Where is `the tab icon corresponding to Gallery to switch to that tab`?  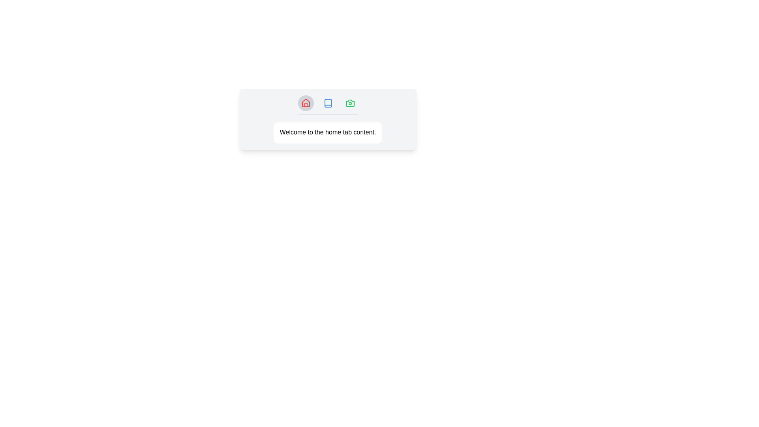
the tab icon corresponding to Gallery to switch to that tab is located at coordinates (349, 103).